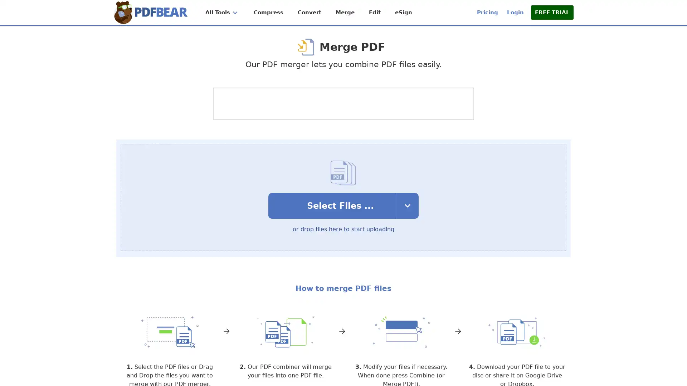 The width and height of the screenshot is (687, 386). I want to click on Pricing, so click(487, 12).